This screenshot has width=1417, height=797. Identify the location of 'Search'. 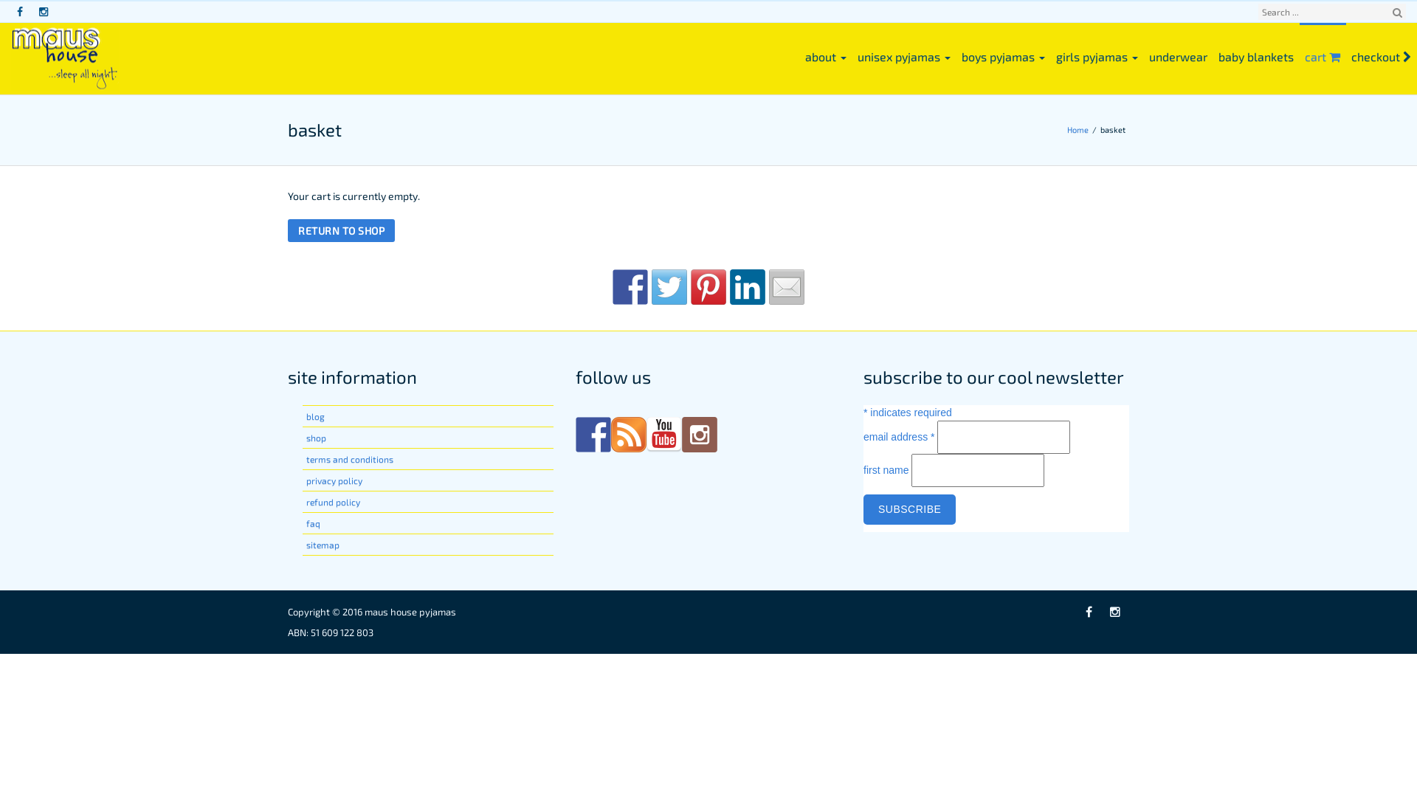
(1396, 12).